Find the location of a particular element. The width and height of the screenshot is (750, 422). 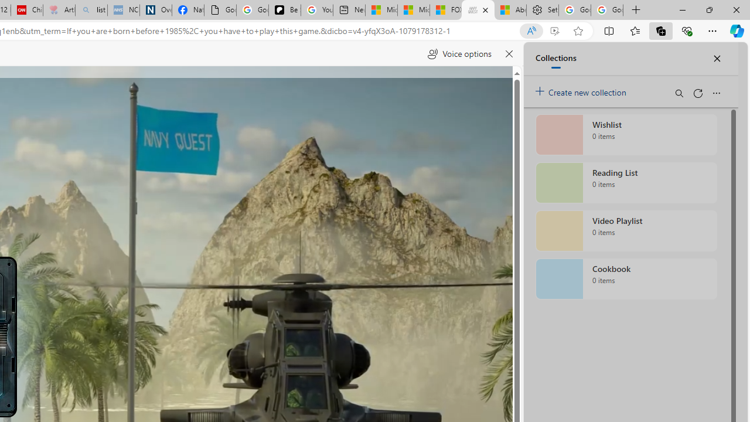

'Minimize' is located at coordinates (682, 9).